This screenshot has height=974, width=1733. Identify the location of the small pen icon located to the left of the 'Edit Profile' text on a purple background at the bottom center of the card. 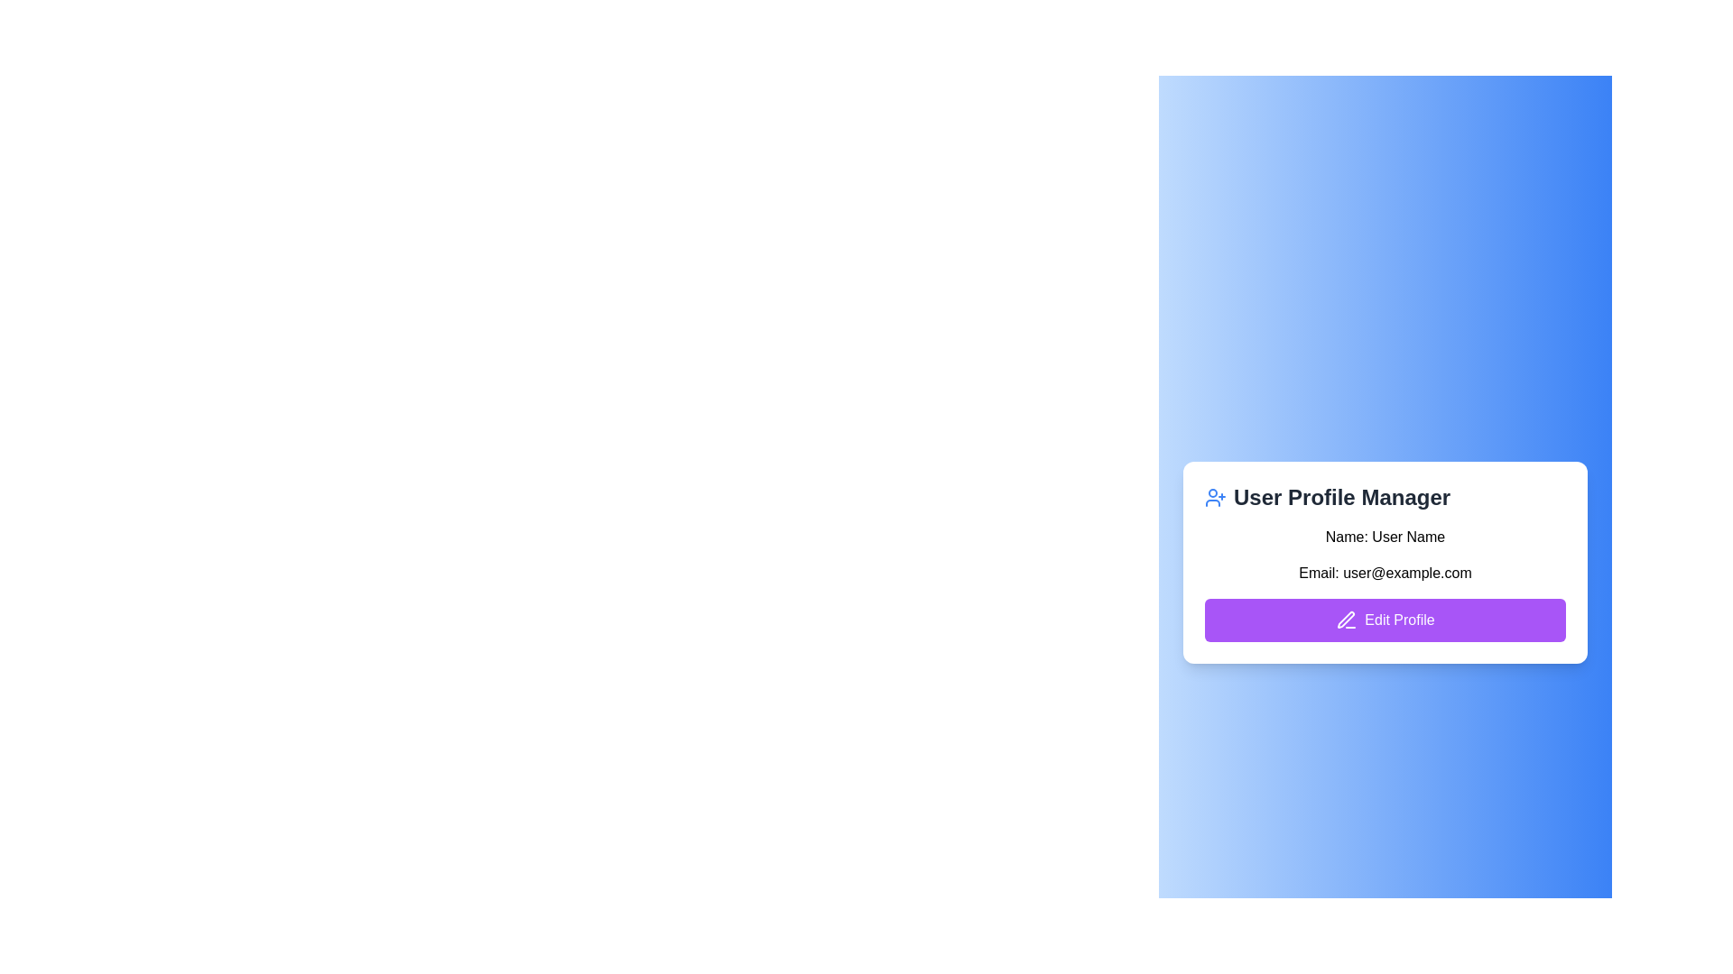
(1347, 619).